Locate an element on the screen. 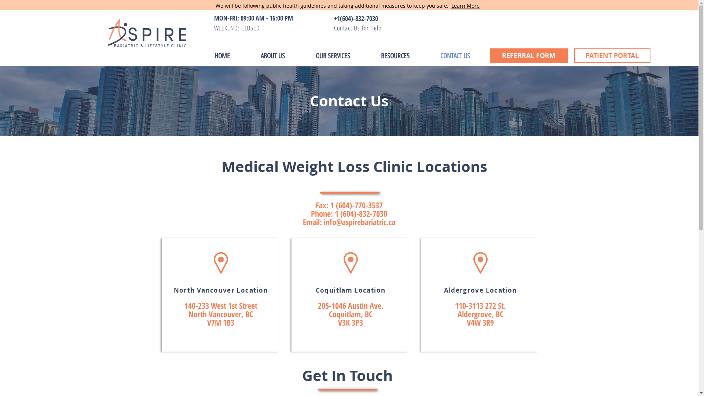 The image size is (704, 396). 'HOME' is located at coordinates (221, 56).